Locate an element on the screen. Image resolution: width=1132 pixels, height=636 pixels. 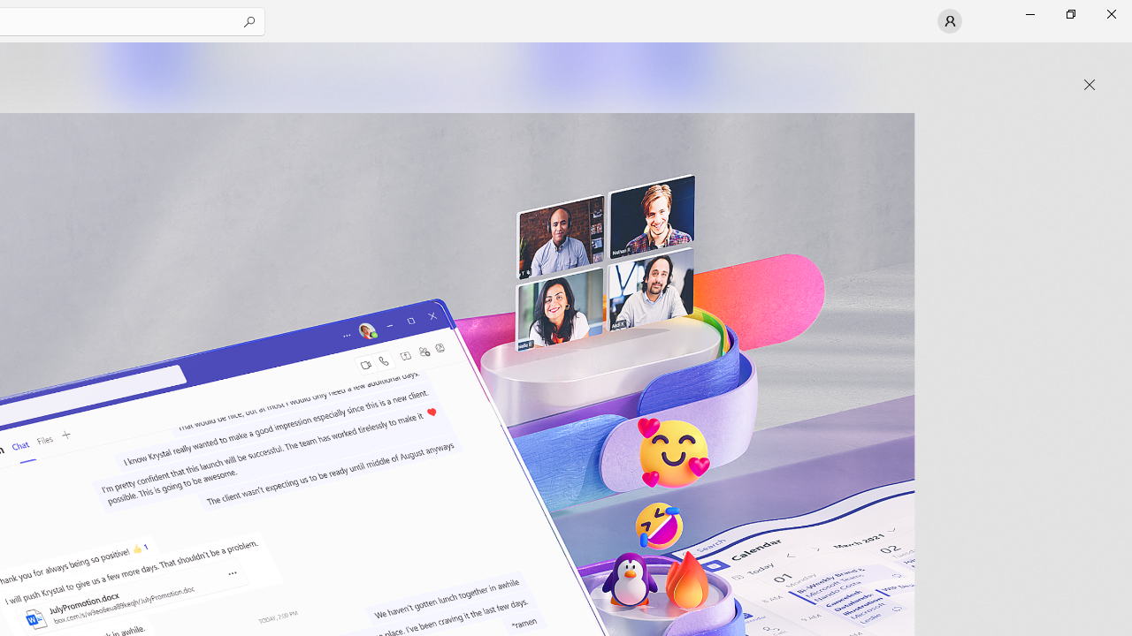
'User profile' is located at coordinates (948, 21).